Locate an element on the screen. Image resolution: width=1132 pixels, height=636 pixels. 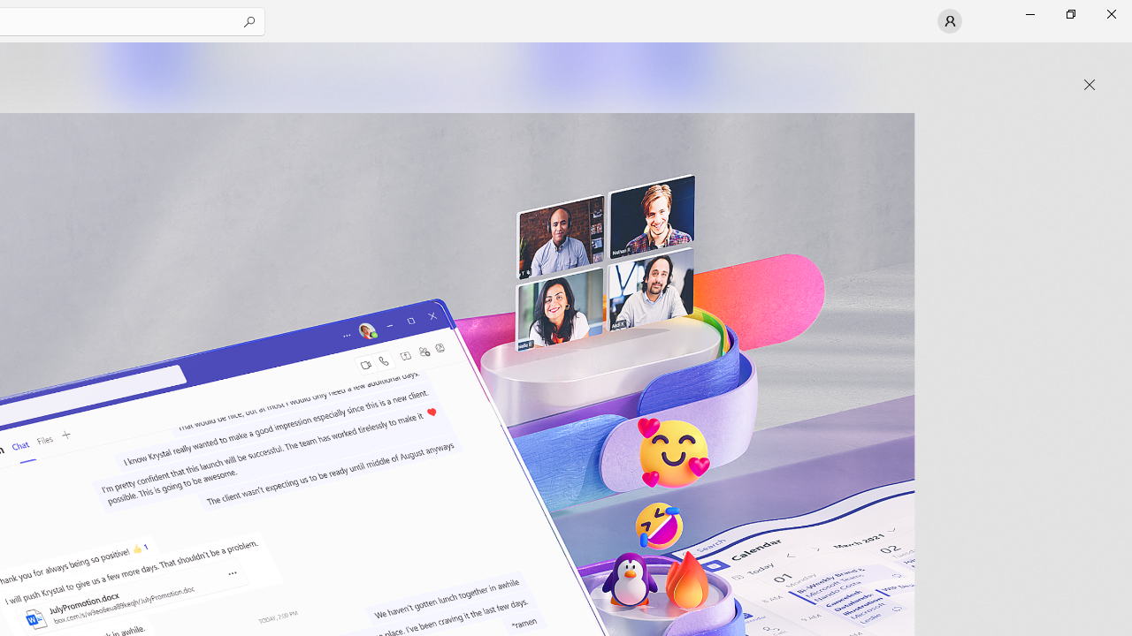
'User profile' is located at coordinates (948, 21).